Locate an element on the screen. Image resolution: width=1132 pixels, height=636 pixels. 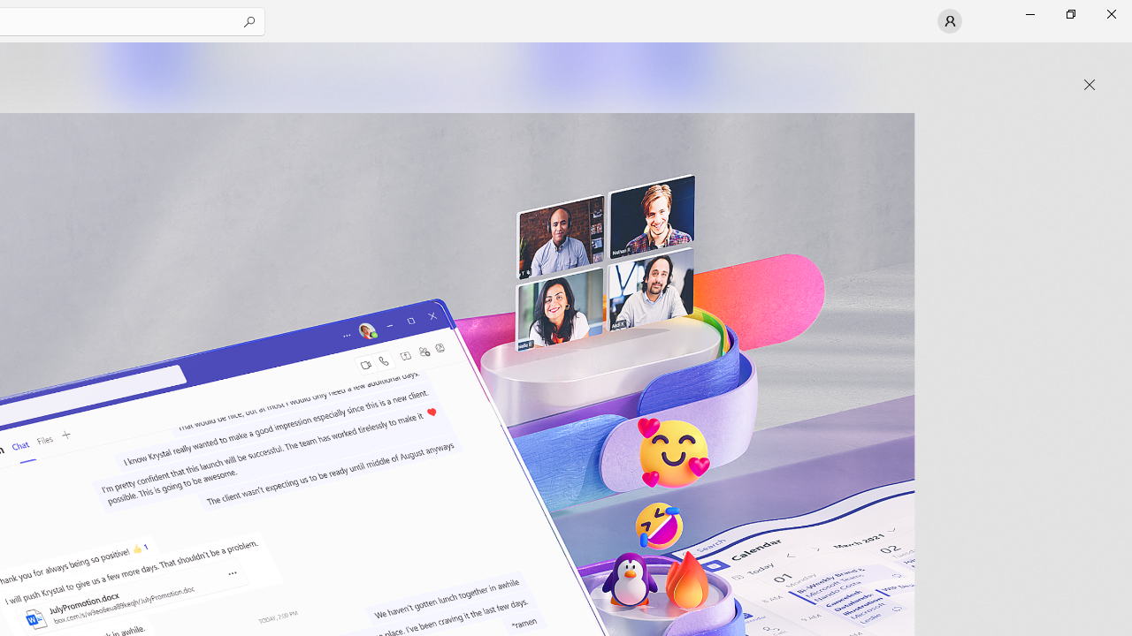
'User profile' is located at coordinates (948, 21).